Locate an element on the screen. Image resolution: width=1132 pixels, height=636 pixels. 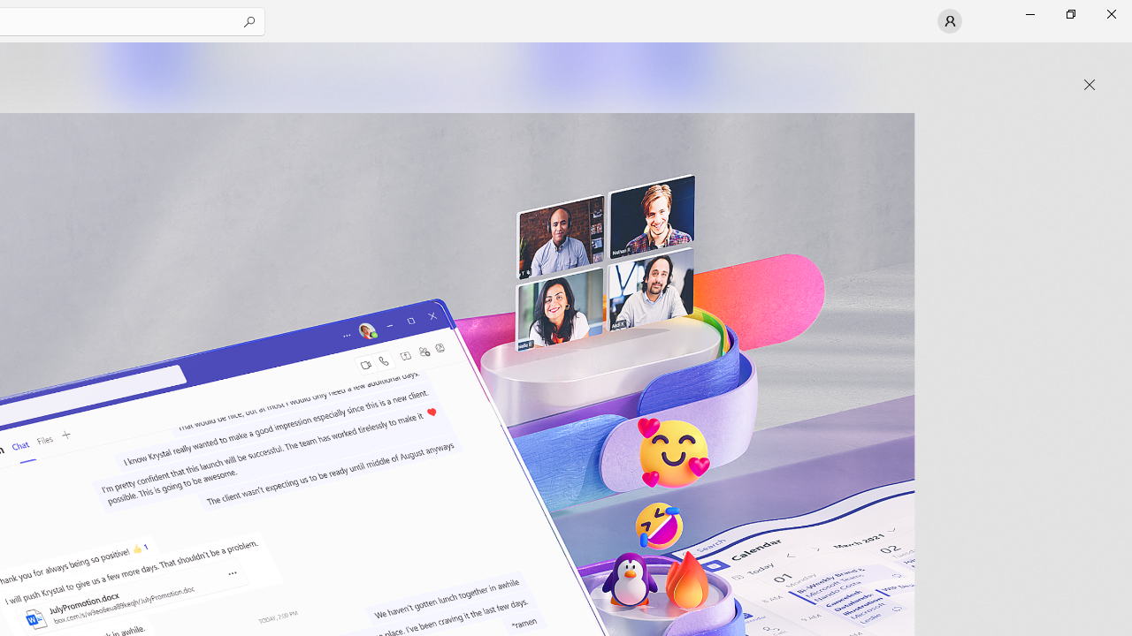
'User profile' is located at coordinates (948, 21).